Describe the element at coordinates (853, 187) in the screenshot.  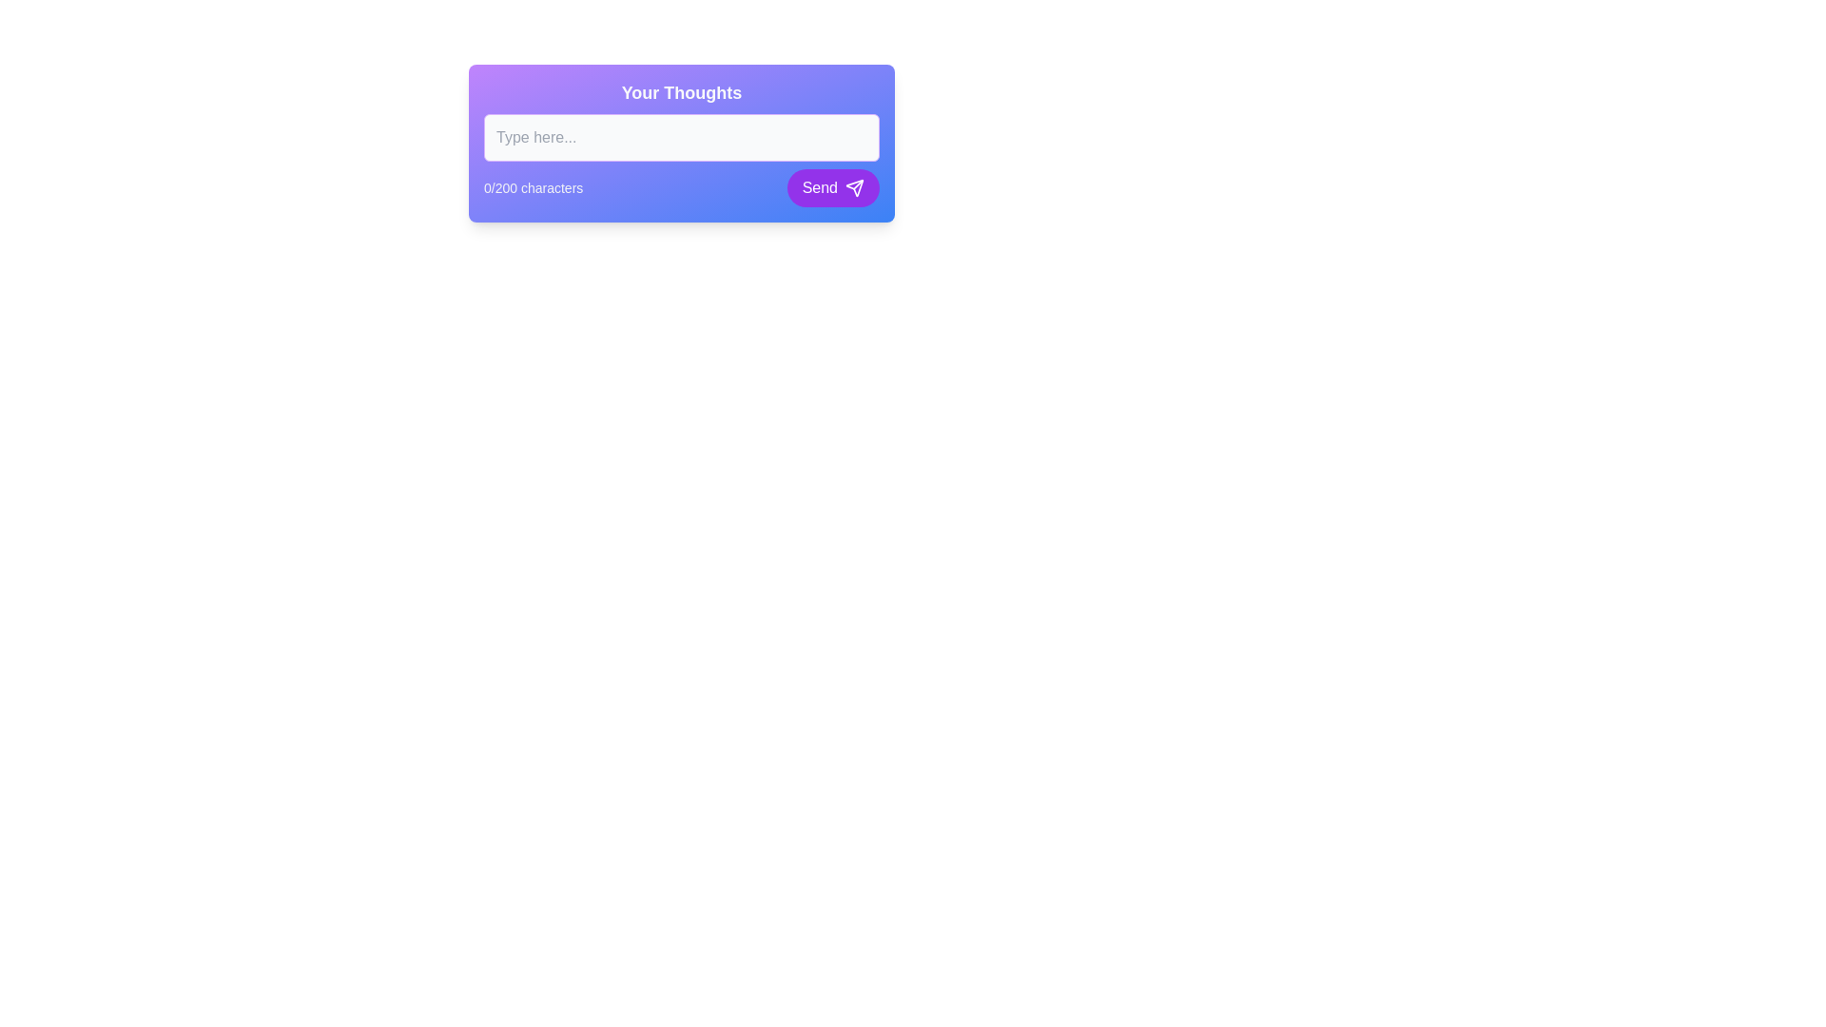
I see `the sending icon located within the 'Send' button, which is positioned to the right of the word 'Send' beneath the text input field` at that location.